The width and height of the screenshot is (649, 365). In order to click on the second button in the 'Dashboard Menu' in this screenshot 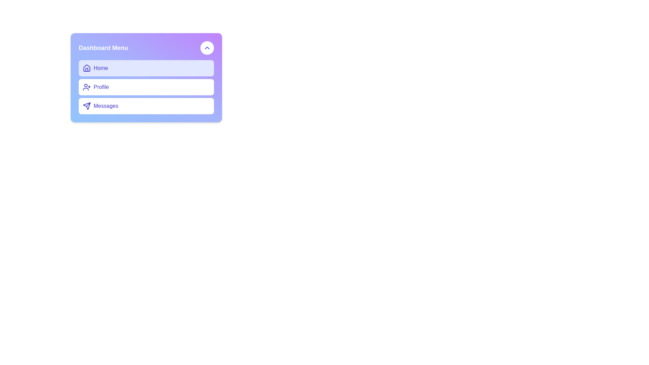, I will do `click(146, 87)`.